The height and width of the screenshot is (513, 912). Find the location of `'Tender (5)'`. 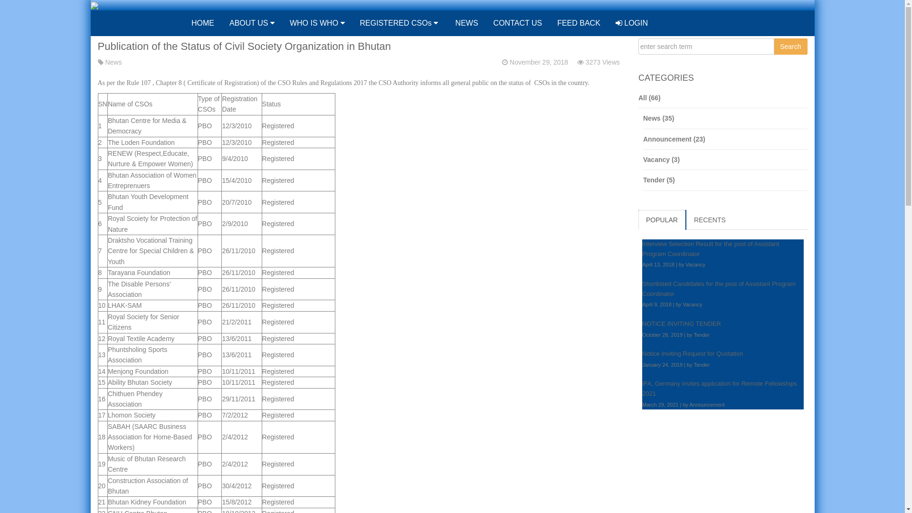

'Tender (5)' is located at coordinates (643, 180).